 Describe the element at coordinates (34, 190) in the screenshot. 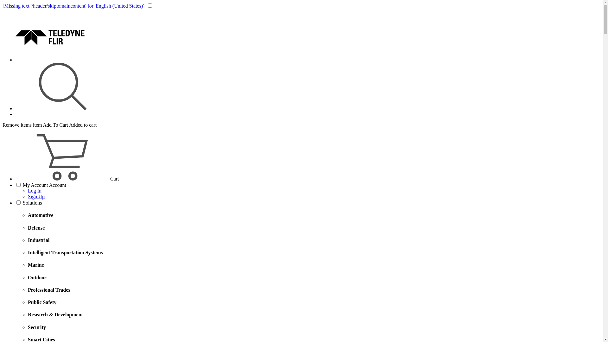

I see `'Log In'` at that location.